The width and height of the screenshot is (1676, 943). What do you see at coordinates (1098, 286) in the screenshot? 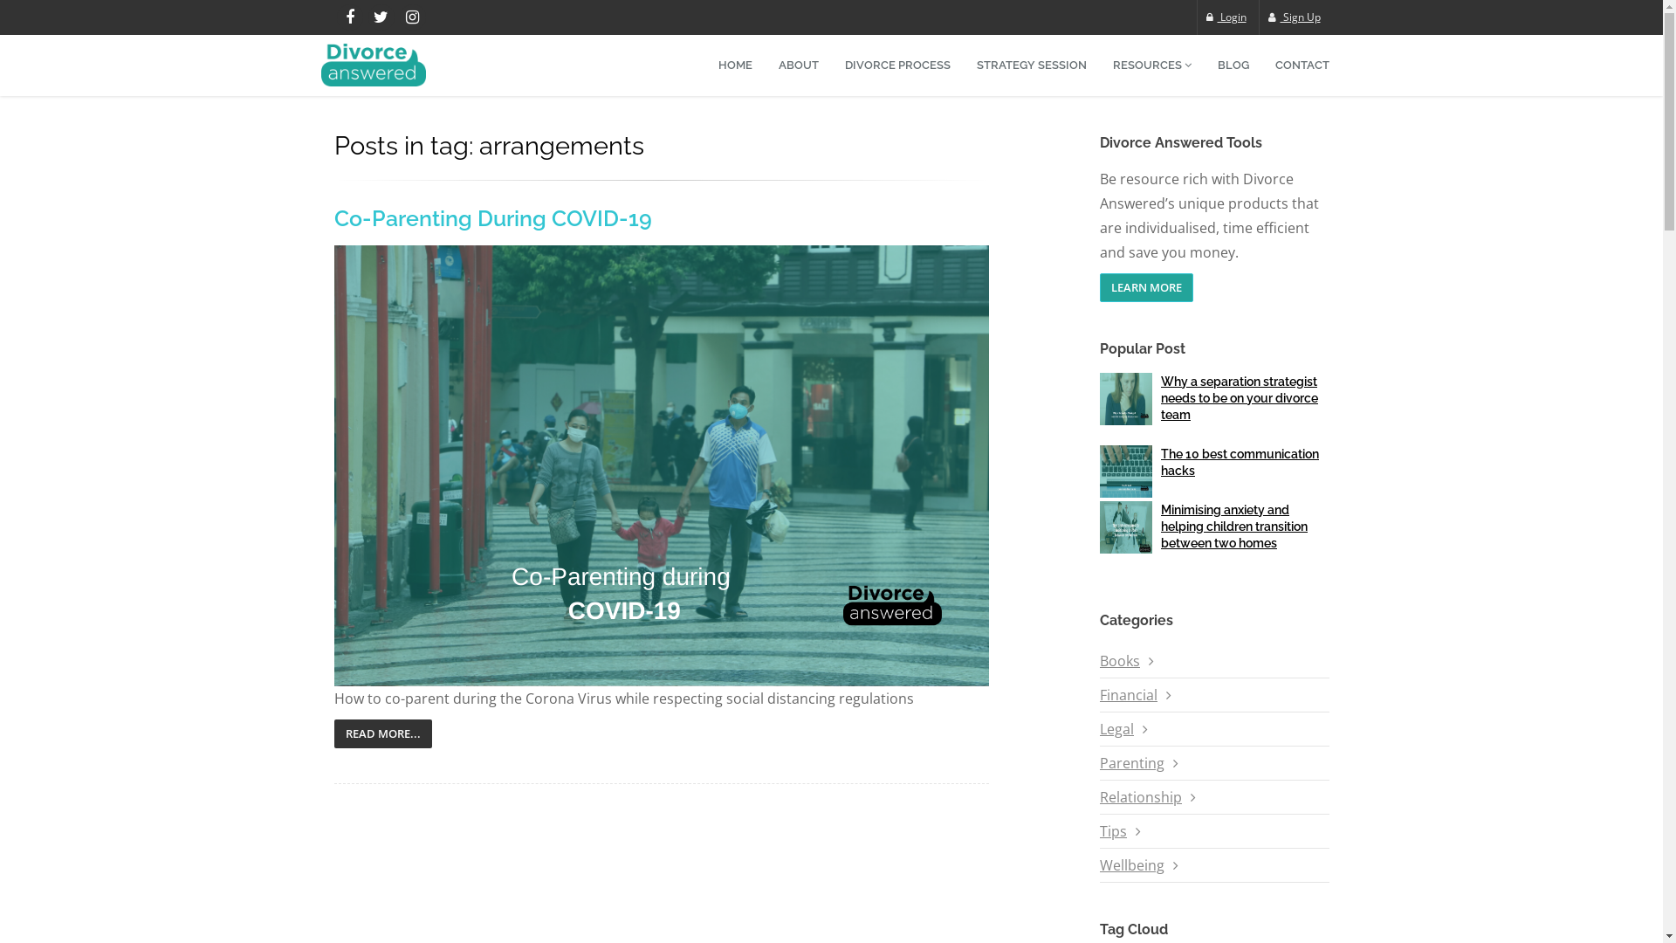
I see `'LEARN MORE'` at bounding box center [1098, 286].